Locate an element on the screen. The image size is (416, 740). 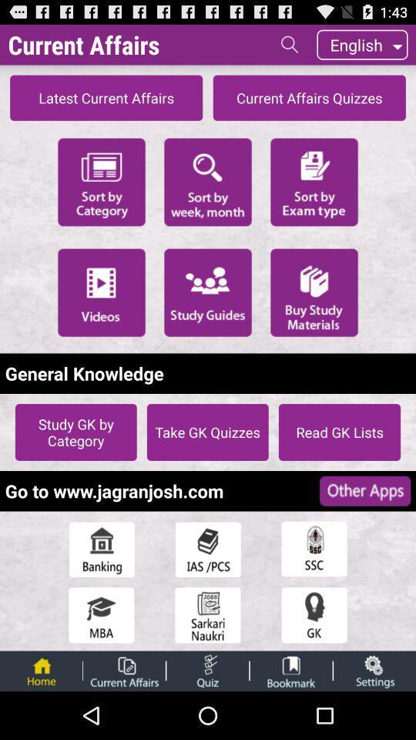
sort options is located at coordinates (208, 181).